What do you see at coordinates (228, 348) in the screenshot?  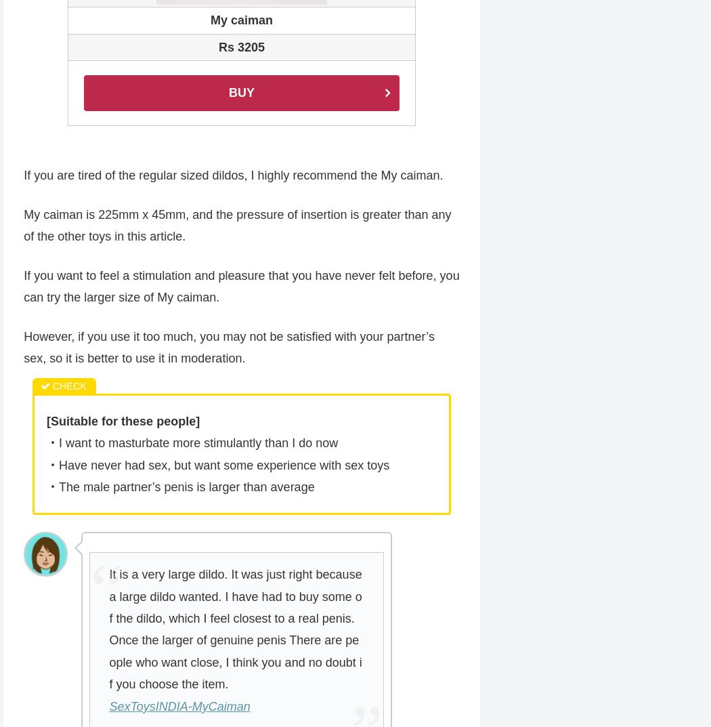 I see `'However, if you use it too much, you may not be satisfied with your partner’s sex, so it is better to use it in moderation.'` at bounding box center [228, 348].